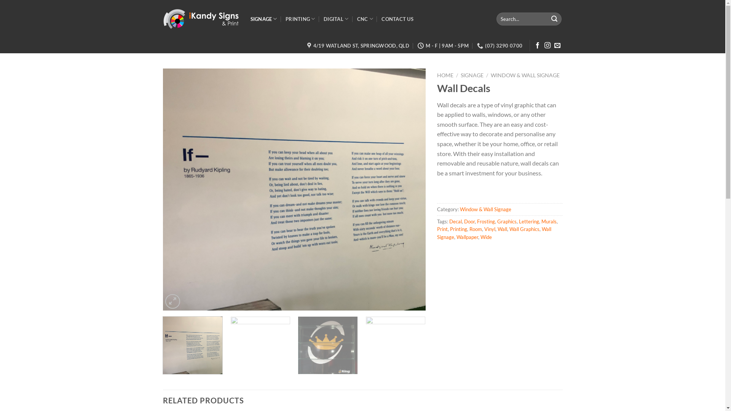 The height and width of the screenshot is (411, 731). I want to click on 'Door', so click(469, 221).